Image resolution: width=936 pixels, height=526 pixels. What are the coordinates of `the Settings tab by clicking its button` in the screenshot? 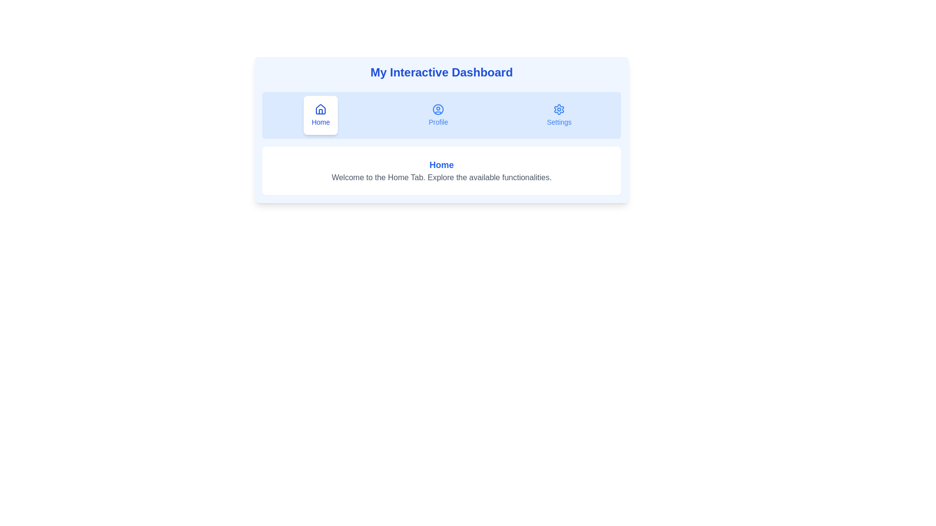 It's located at (559, 114).